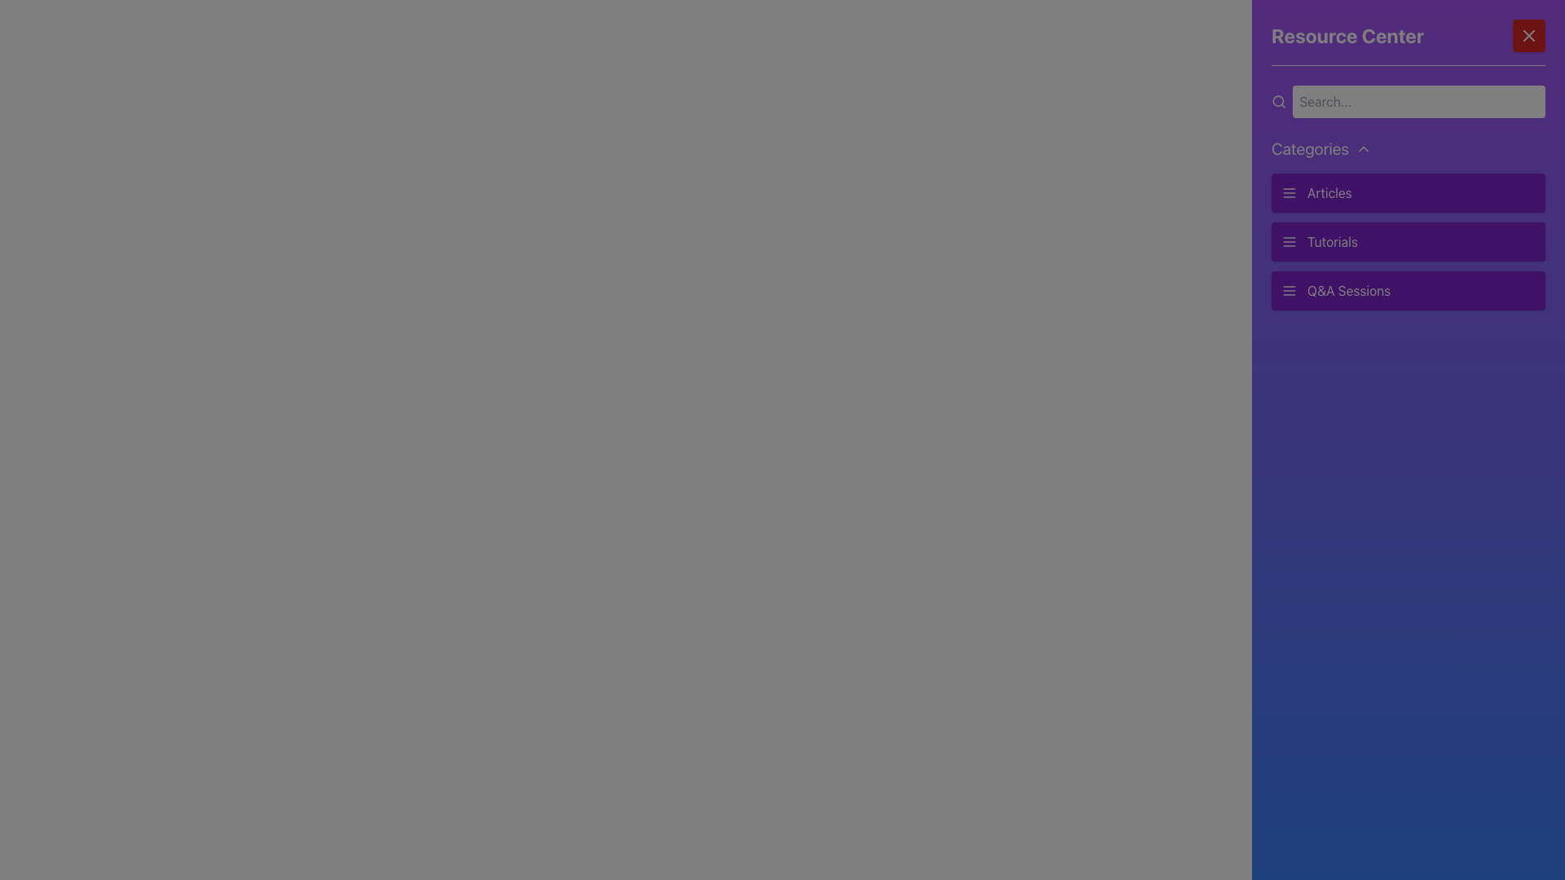 The image size is (1565, 880). I want to click on the 'Tutorials' button with a purple background and rounded corners, which is the middle button, so click(1408, 242).